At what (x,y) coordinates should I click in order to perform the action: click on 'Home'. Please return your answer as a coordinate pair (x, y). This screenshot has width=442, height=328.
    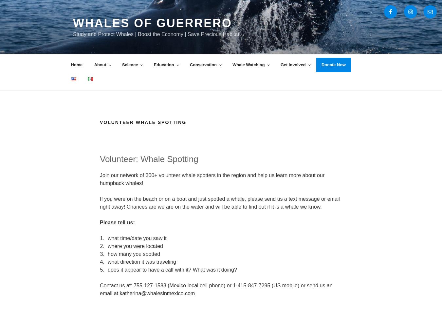
    Looking at the image, I should click on (71, 64).